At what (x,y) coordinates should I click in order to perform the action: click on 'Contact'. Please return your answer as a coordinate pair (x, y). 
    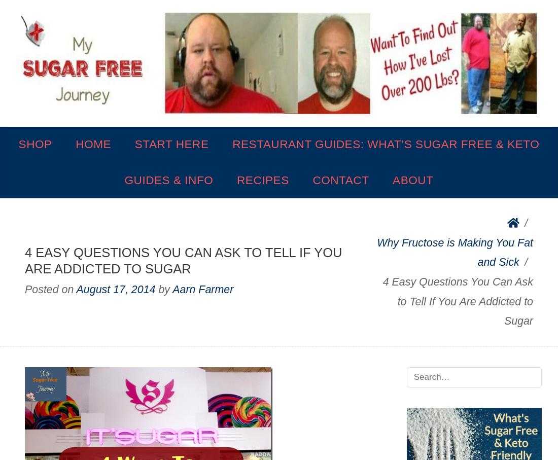
    Looking at the image, I should click on (340, 179).